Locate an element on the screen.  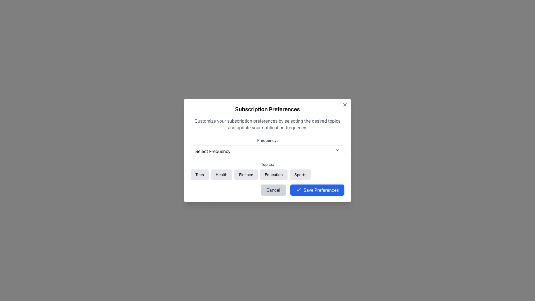
the 'Finance' button, which is the third button in a horizontal row under the 'Topics' section of the modal dialog is located at coordinates (246, 174).